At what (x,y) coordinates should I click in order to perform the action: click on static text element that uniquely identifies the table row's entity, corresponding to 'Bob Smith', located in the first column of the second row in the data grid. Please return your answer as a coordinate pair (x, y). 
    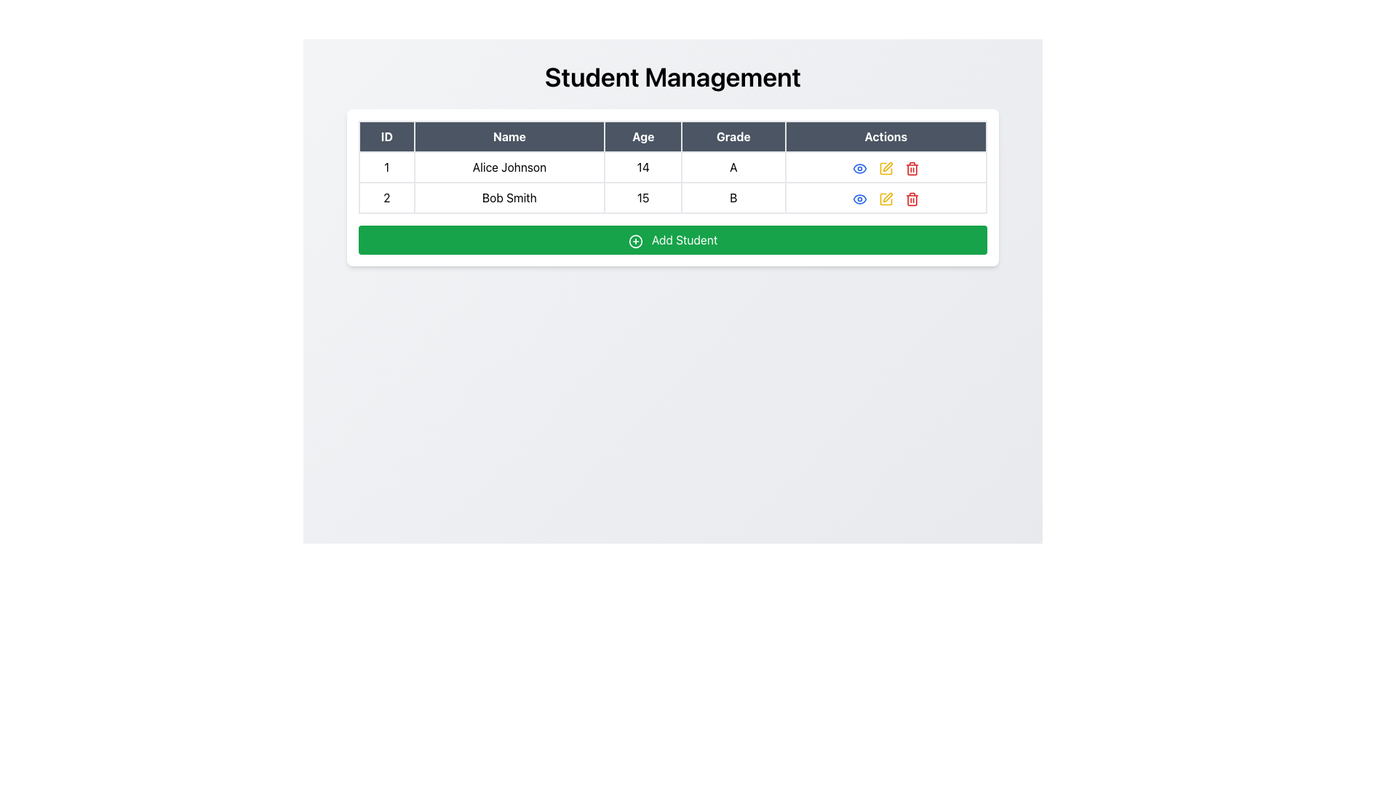
    Looking at the image, I should click on (386, 198).